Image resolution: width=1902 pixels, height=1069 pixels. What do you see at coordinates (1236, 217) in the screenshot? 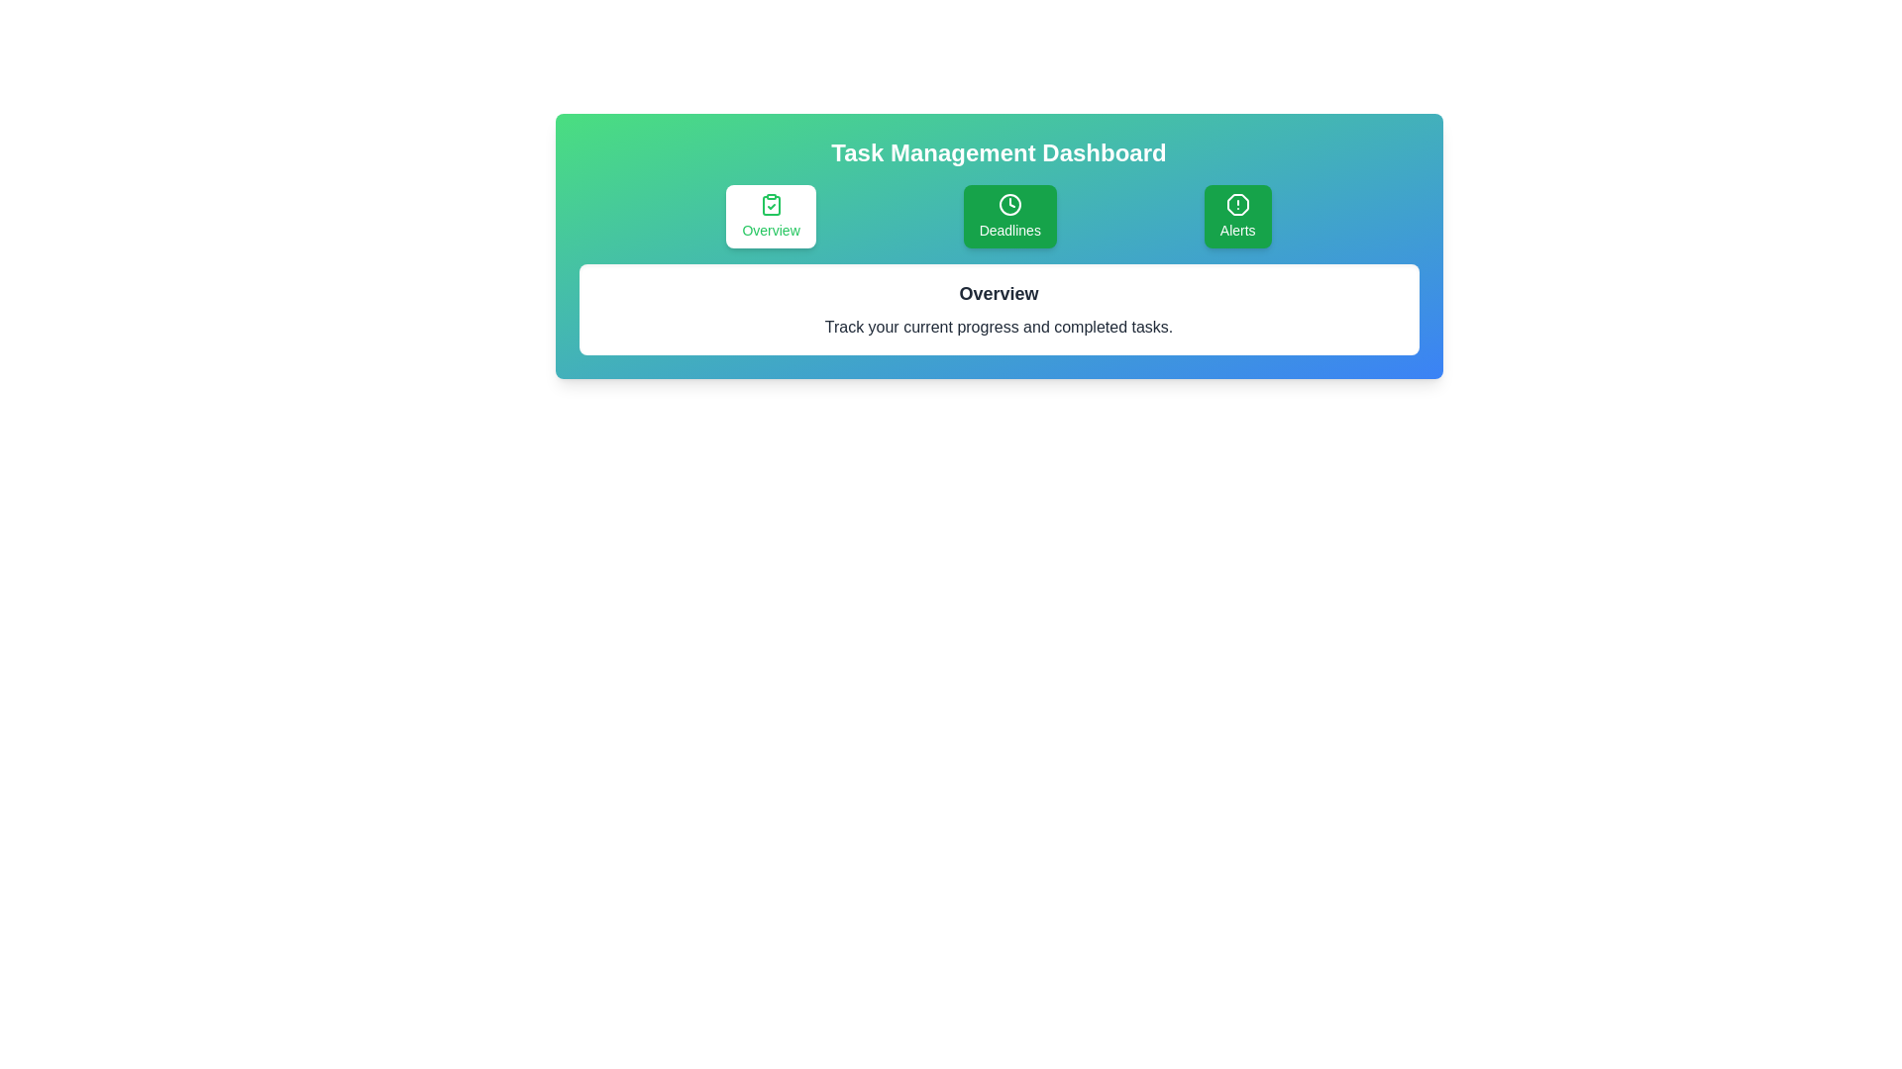
I see `the Alerts tab by clicking on it` at bounding box center [1236, 217].